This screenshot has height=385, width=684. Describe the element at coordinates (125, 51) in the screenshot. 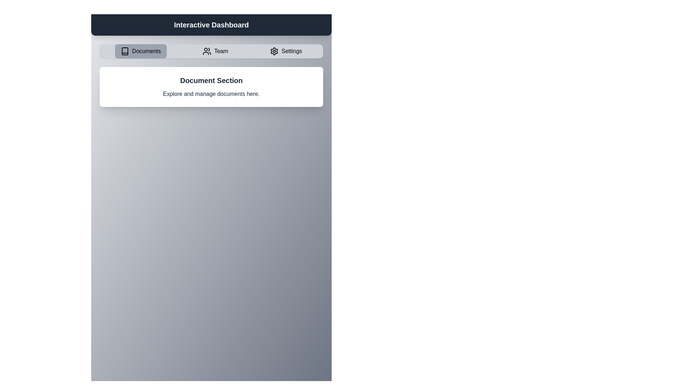

I see `the 'Documents' button on the navigation bar` at that location.